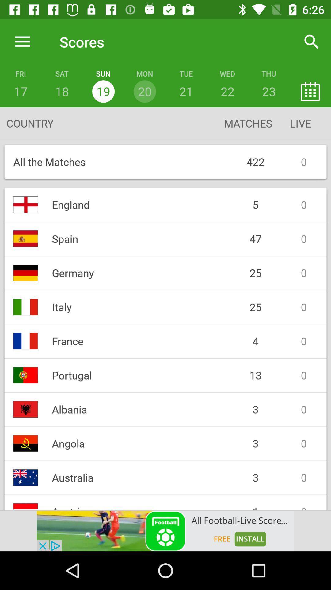 The height and width of the screenshot is (590, 331). I want to click on the flag which is before  angola, so click(25, 443).